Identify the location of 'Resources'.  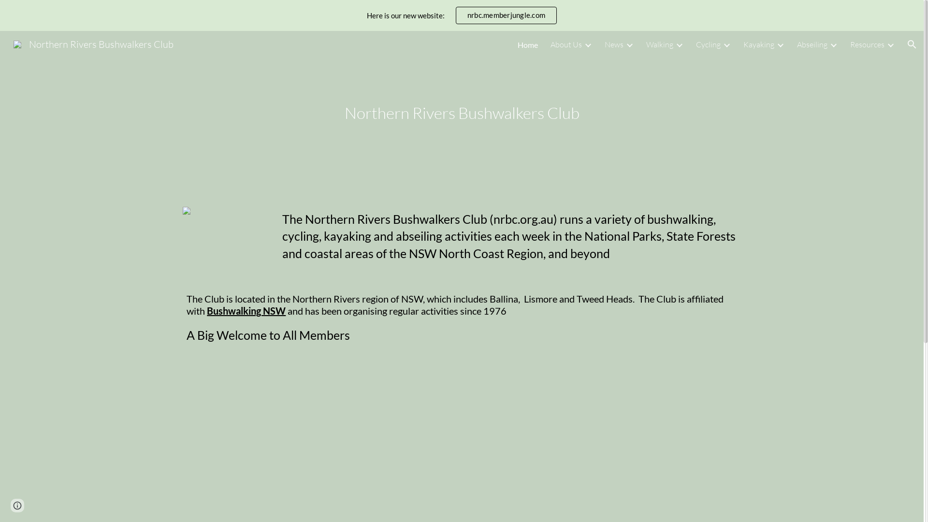
(867, 44).